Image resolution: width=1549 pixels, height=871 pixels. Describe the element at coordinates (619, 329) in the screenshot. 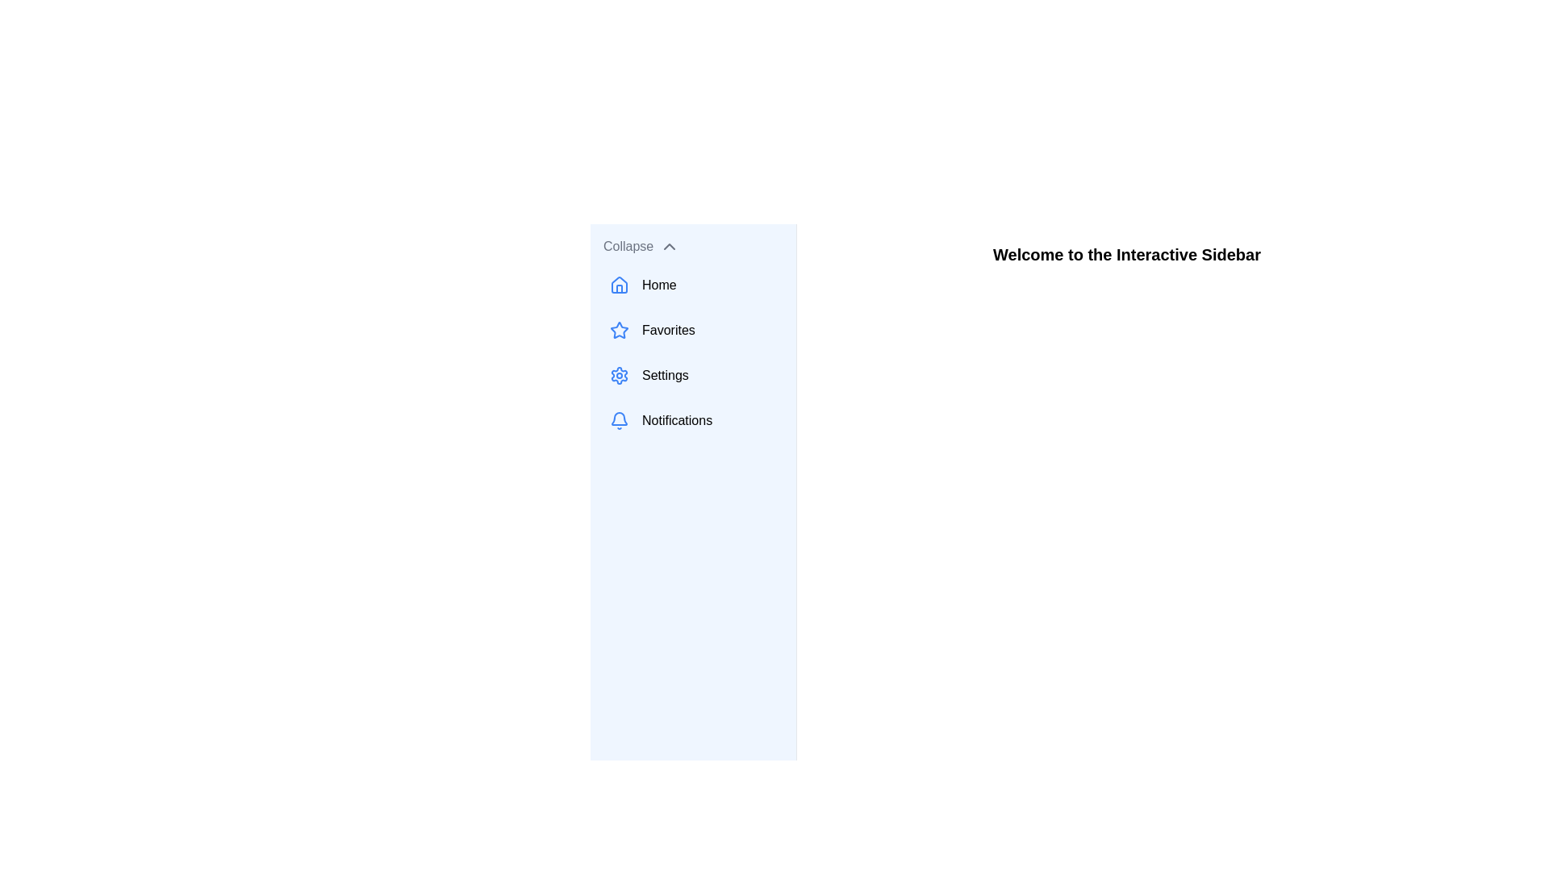

I see `the blue star-shaped icon in the navigation sidebar, positioned second in the list under the collapse button` at that location.